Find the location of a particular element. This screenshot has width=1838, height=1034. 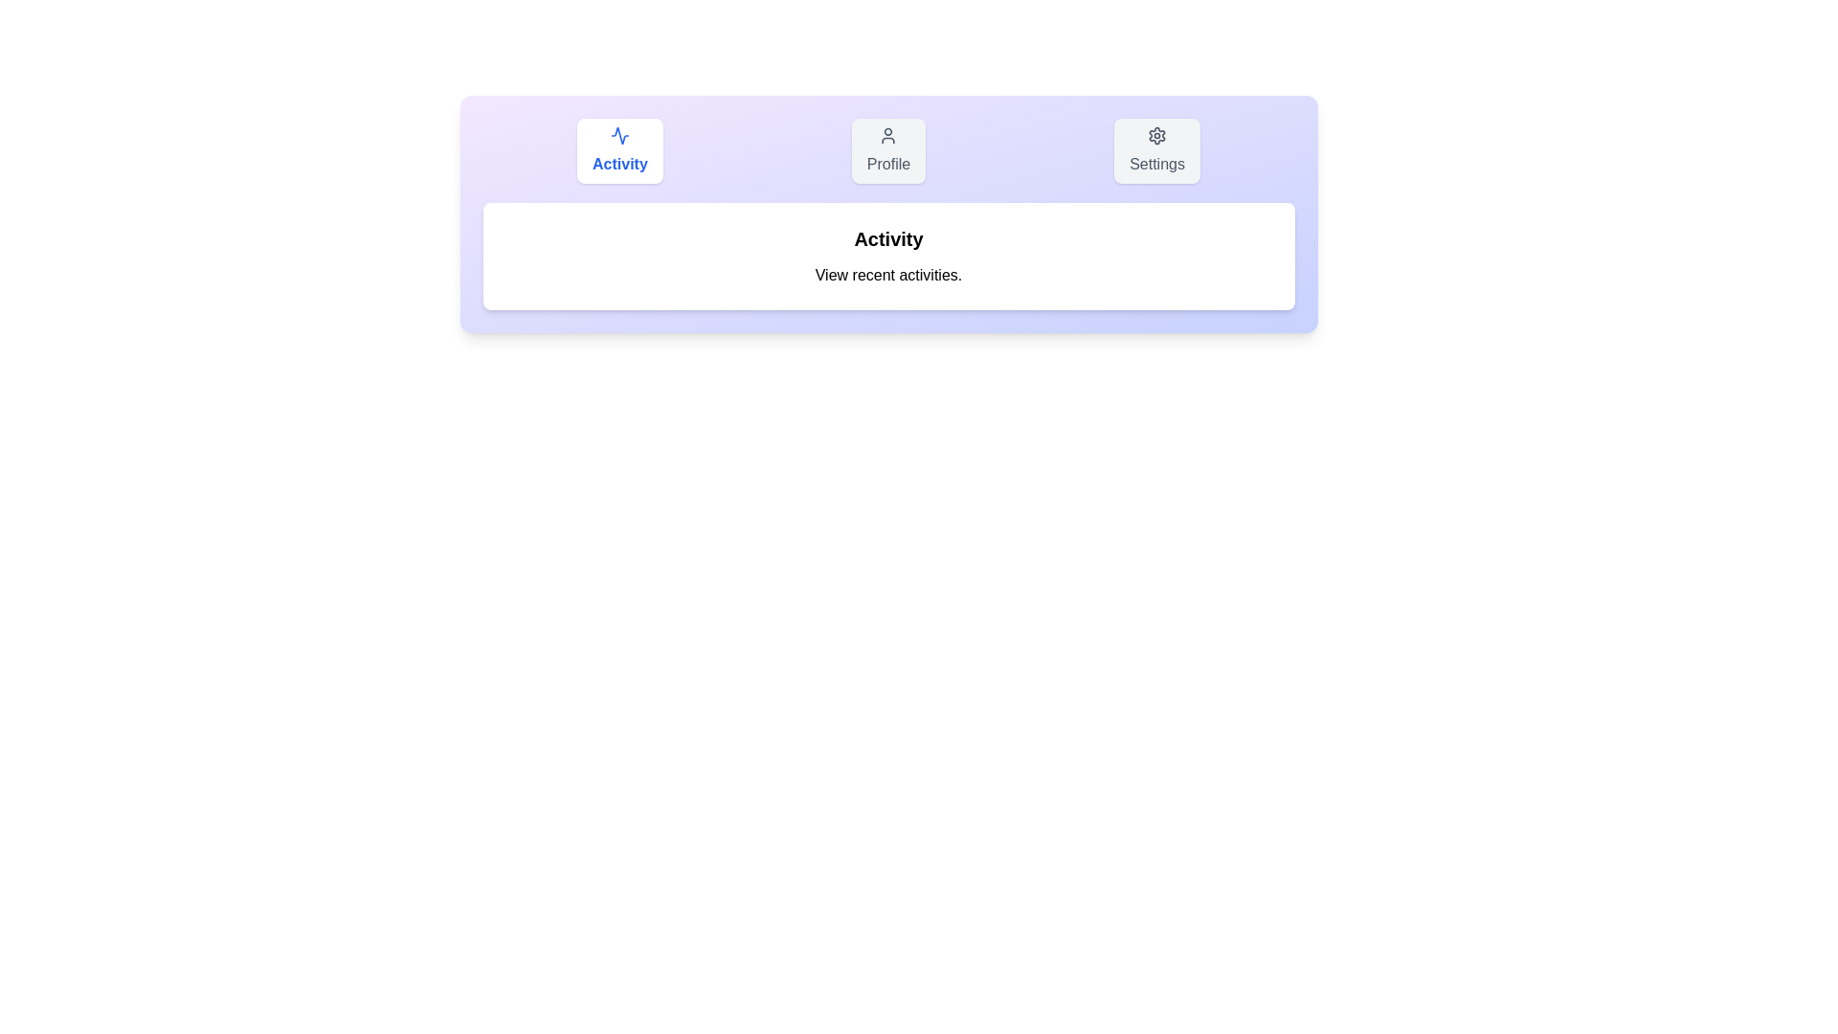

the Profile tab and read its content is located at coordinates (887, 150).